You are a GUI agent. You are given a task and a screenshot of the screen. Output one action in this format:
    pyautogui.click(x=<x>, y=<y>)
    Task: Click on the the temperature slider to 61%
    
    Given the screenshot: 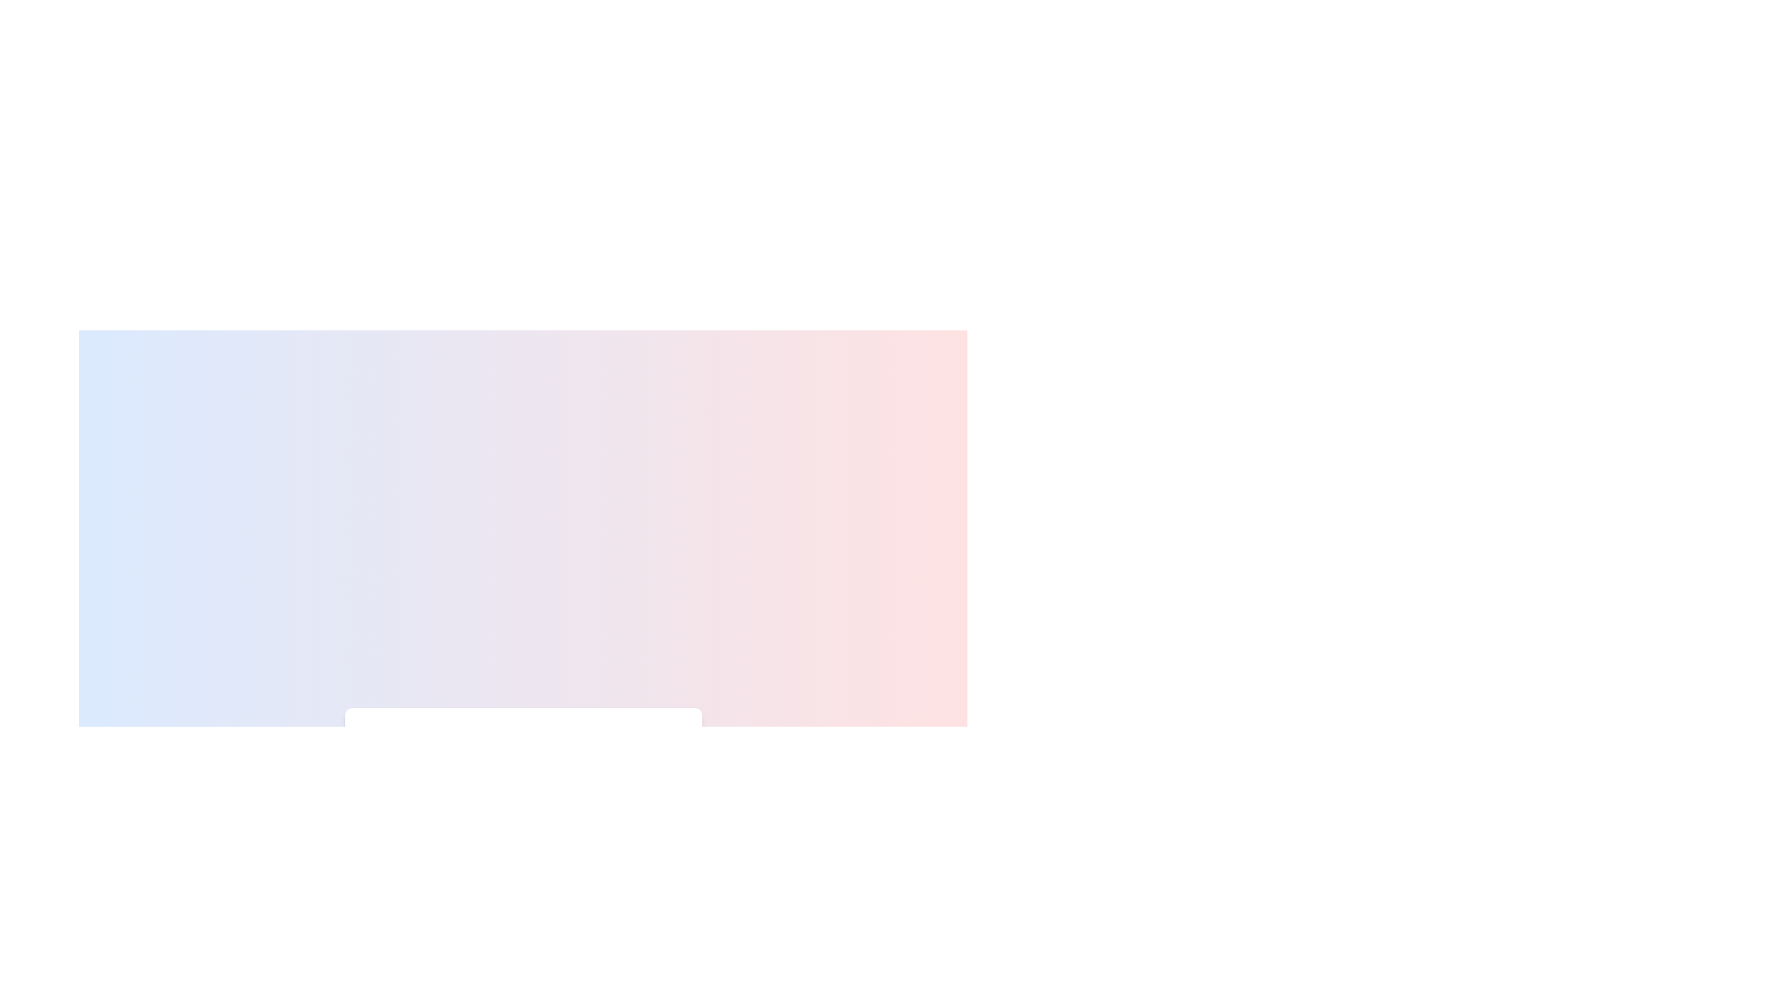 What is the action you would take?
    pyautogui.click(x=556, y=800)
    